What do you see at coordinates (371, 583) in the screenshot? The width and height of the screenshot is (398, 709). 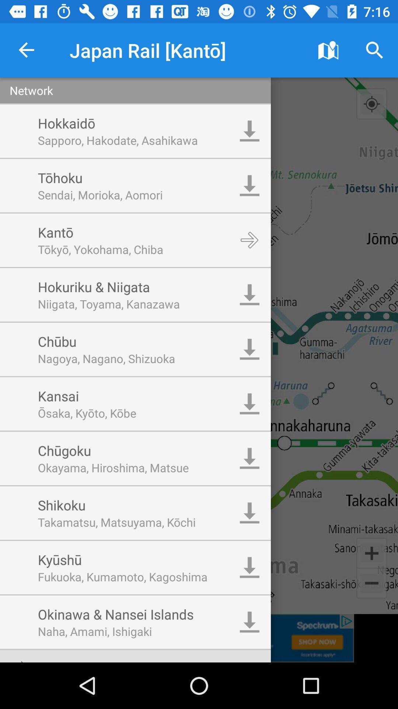 I see `the minus icon` at bounding box center [371, 583].